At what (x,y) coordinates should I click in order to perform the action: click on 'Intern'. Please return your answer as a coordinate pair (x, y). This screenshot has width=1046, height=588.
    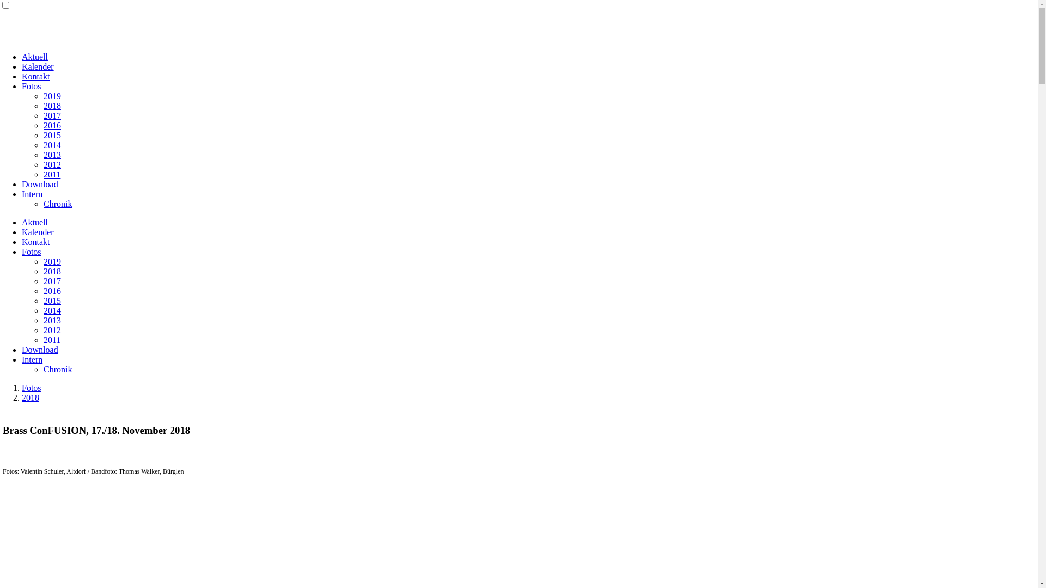
    Looking at the image, I should click on (32, 359).